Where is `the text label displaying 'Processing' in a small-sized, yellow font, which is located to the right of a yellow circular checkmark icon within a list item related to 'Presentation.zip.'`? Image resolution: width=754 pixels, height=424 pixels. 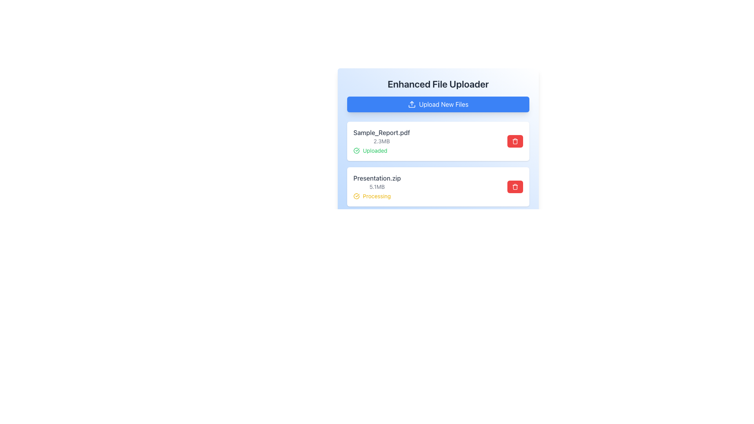
the text label displaying 'Processing' in a small-sized, yellow font, which is located to the right of a yellow circular checkmark icon within a list item related to 'Presentation.zip.' is located at coordinates (376, 196).